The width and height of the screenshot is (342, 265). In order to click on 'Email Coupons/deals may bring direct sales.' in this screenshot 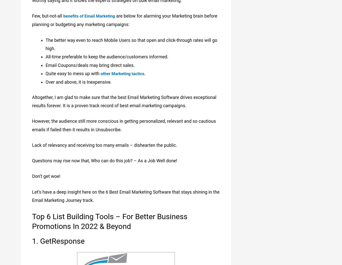, I will do `click(90, 65)`.